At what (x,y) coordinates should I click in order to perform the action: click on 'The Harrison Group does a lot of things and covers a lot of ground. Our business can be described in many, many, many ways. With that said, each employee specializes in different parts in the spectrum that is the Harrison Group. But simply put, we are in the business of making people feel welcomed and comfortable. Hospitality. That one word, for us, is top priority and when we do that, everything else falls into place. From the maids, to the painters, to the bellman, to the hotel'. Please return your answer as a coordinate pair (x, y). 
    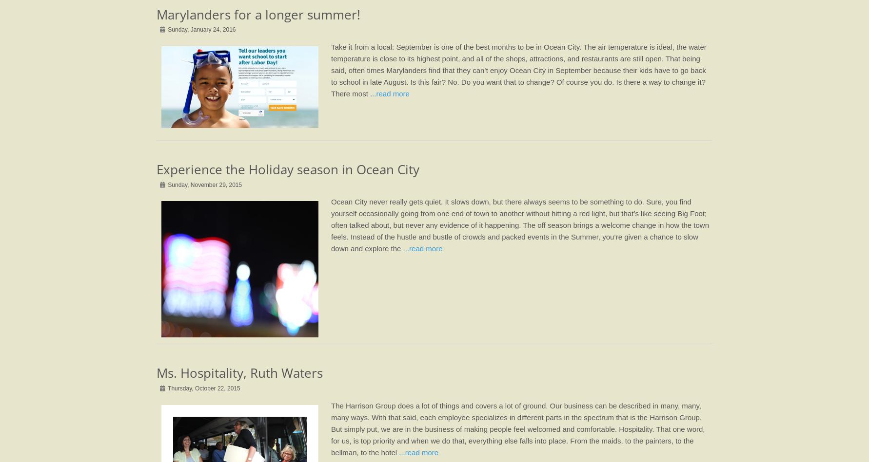
    Looking at the image, I should click on (517, 428).